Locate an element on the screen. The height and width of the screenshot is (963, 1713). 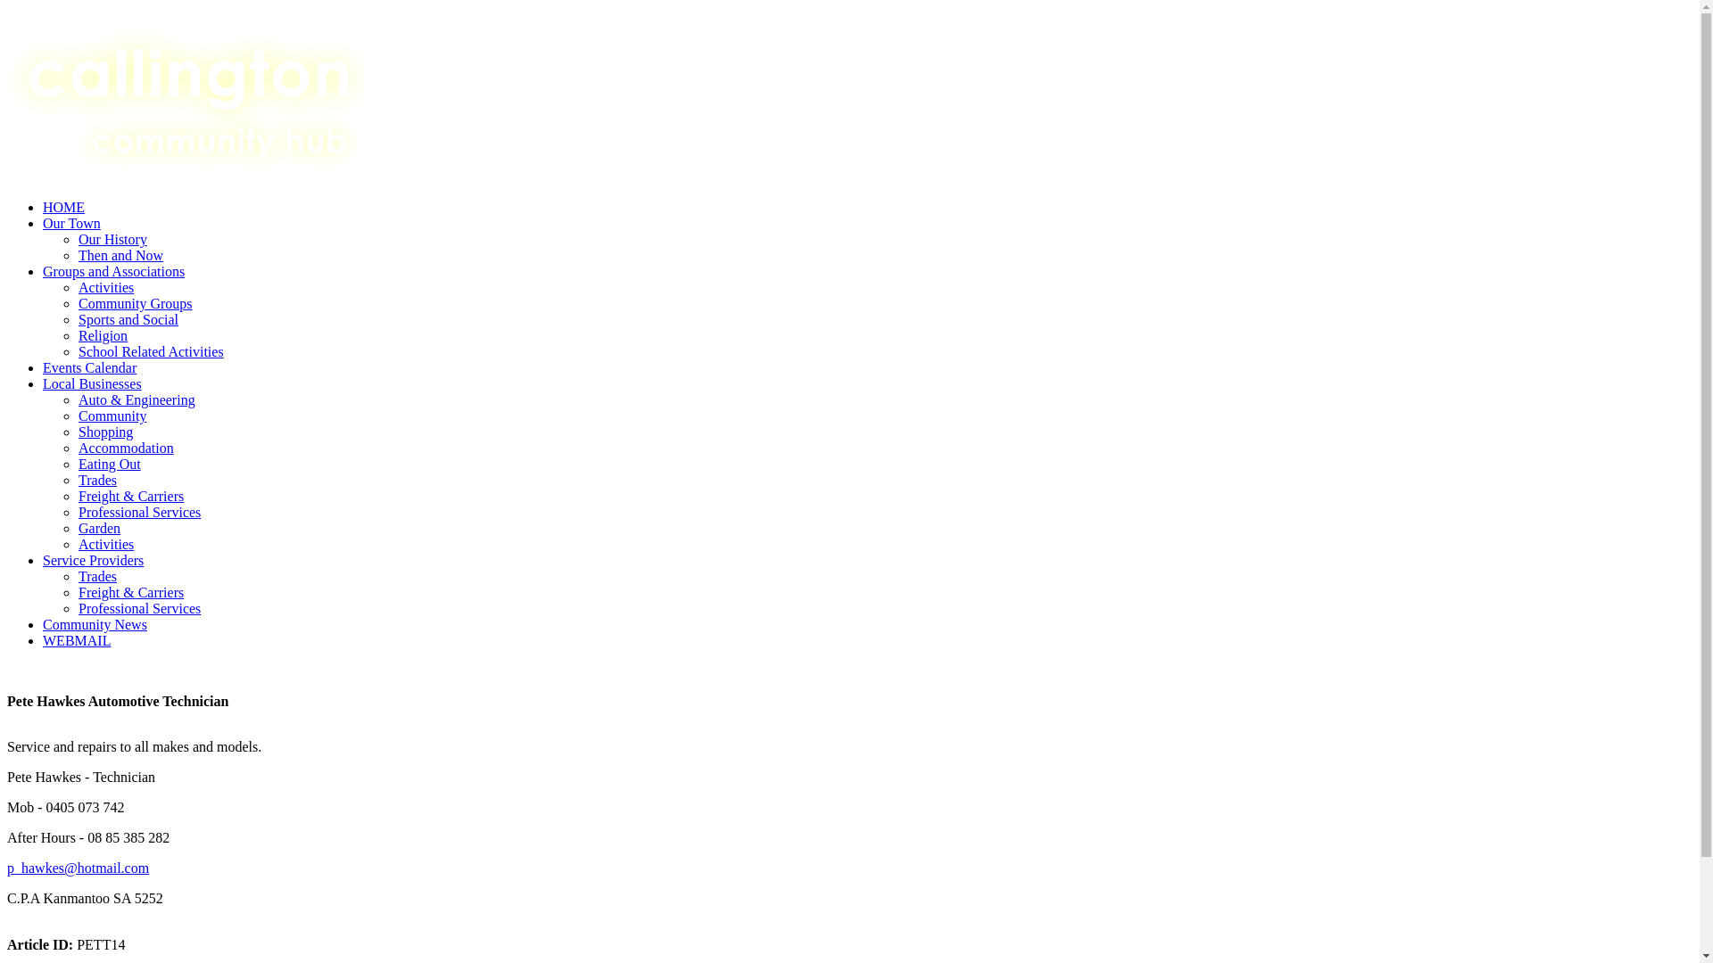
'Local Businesses' is located at coordinates (91, 383).